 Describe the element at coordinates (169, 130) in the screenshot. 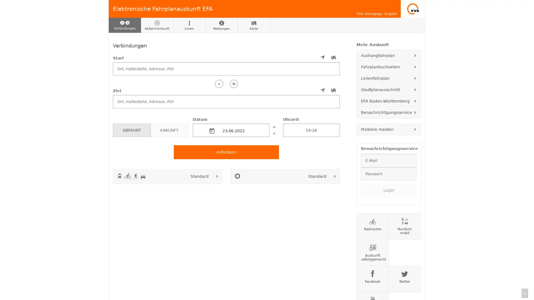

I see `ANKUNFT` at that location.